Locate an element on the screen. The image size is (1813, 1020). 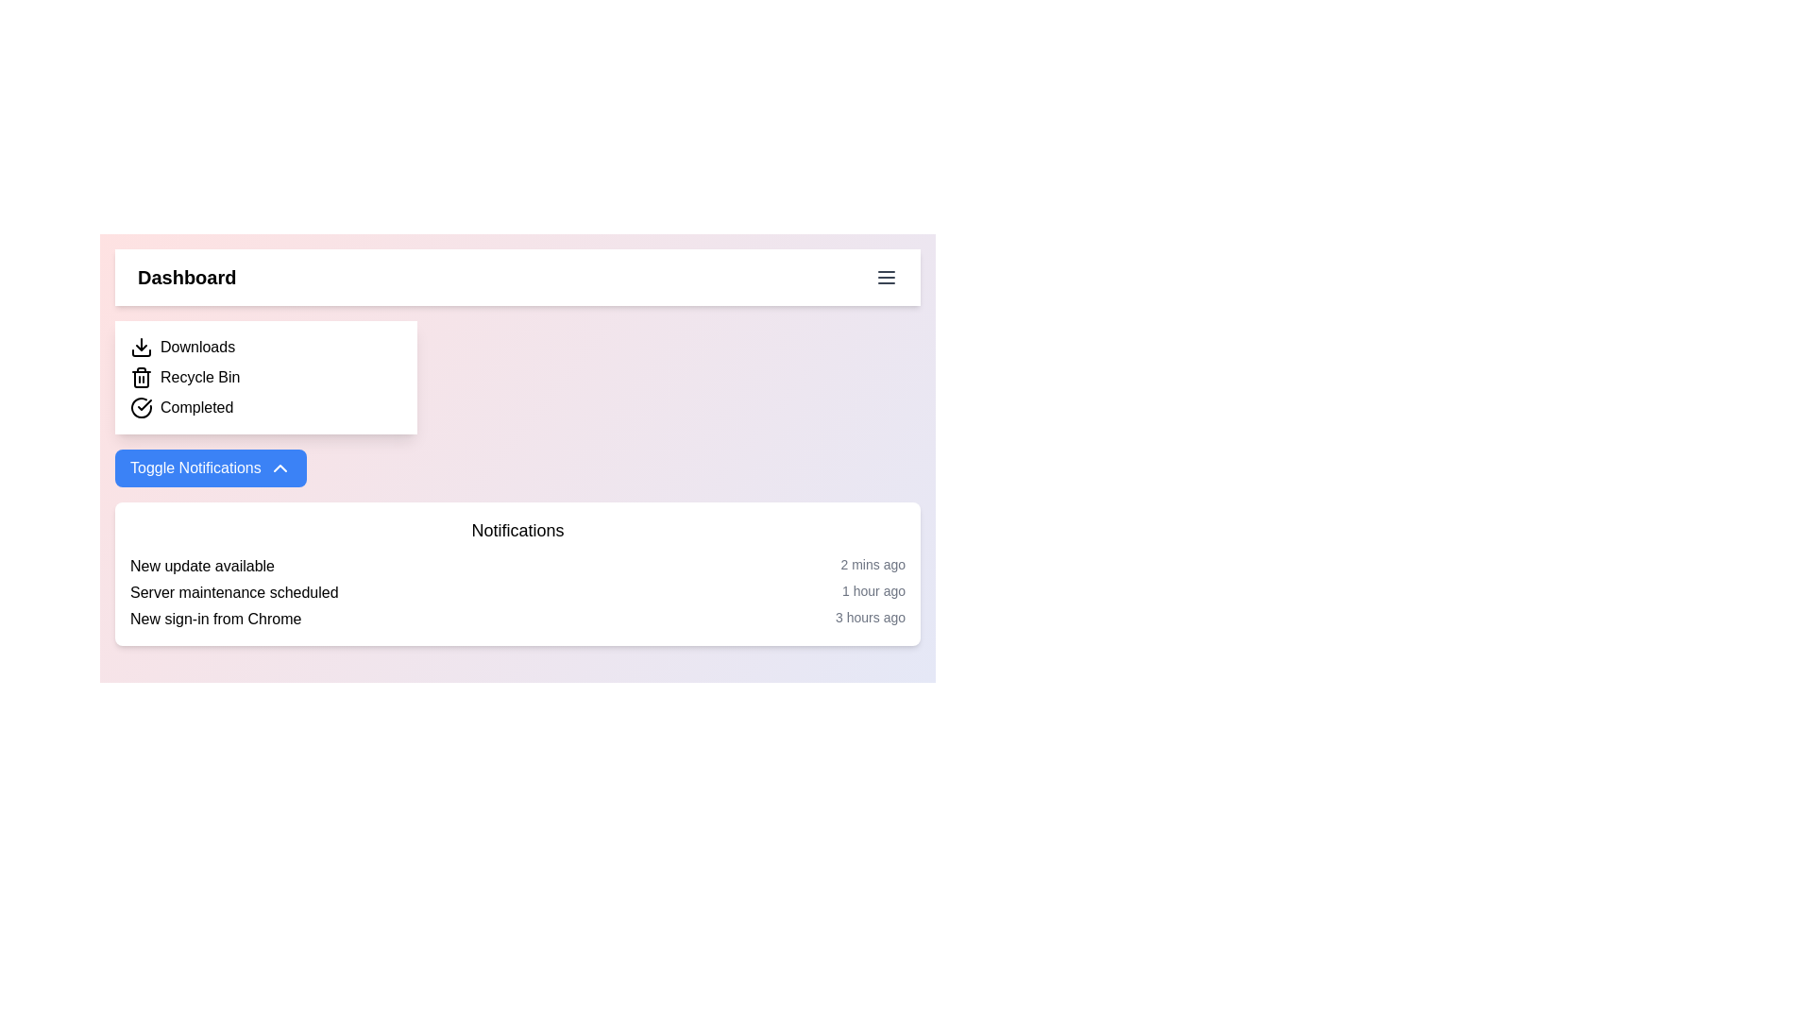
the trash can icon located in the vertical side menu is located at coordinates (140, 379).